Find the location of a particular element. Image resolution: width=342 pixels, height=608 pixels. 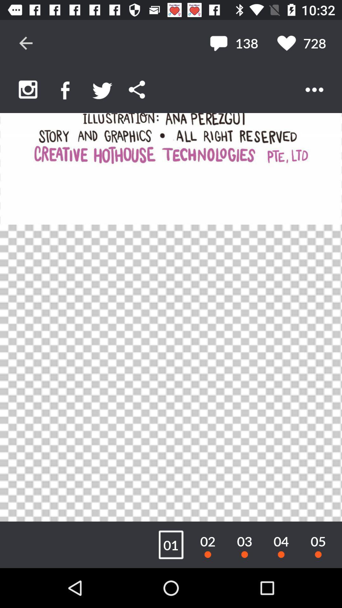

share button is located at coordinates (136, 89).